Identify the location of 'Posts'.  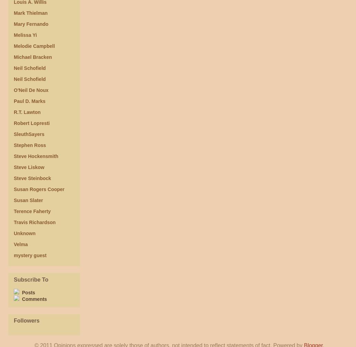
(27, 292).